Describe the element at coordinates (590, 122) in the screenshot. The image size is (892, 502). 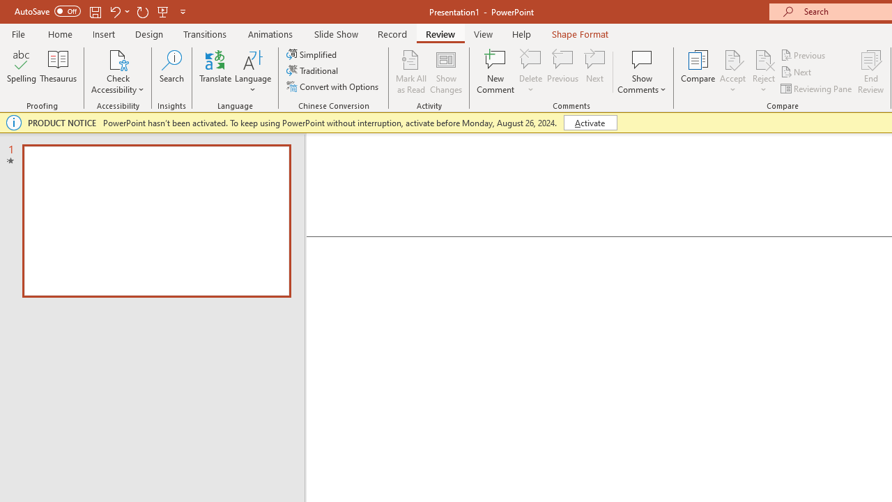
I see `'Activate'` at that location.